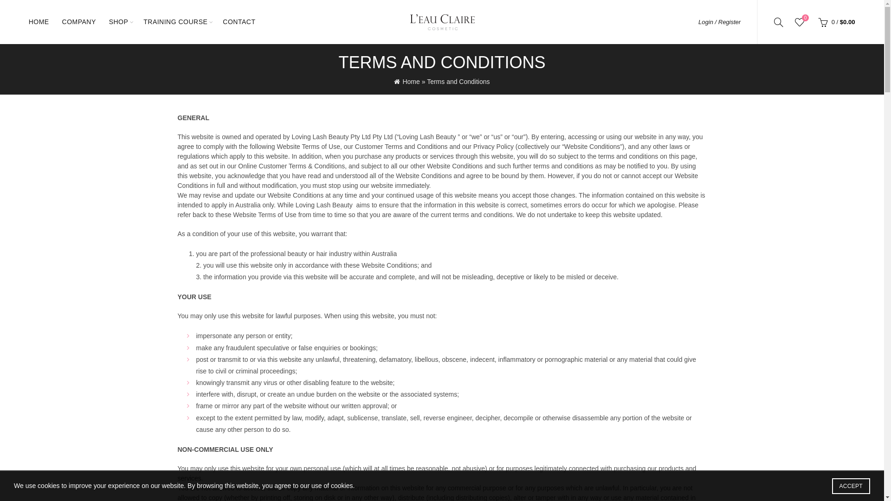  I want to click on 'Home', so click(394, 81).